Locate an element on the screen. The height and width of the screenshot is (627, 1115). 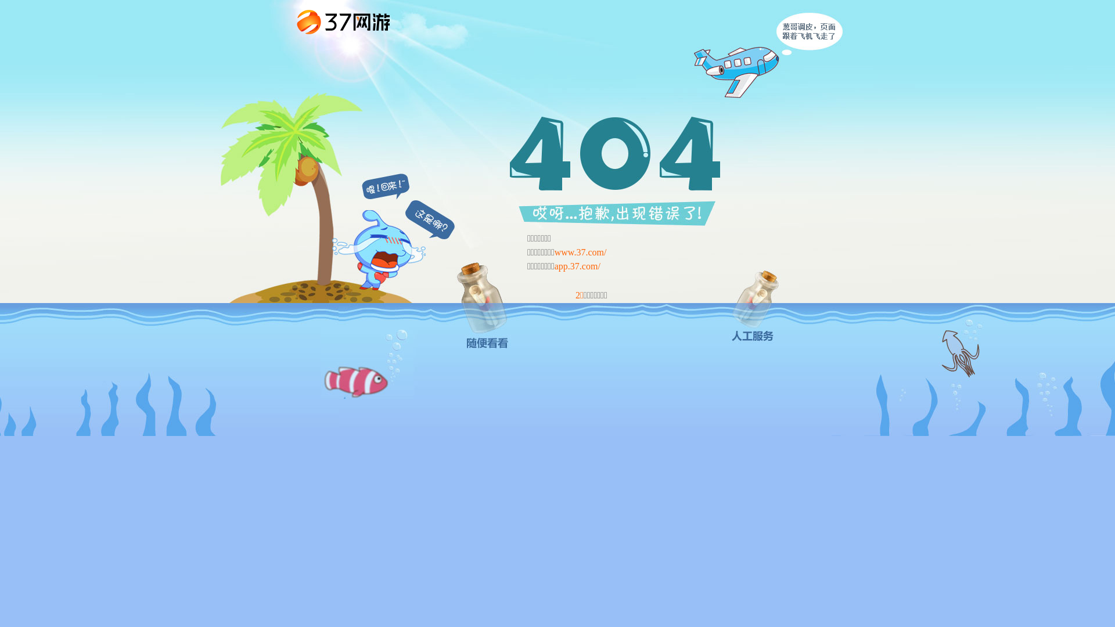
'app.37.com/' is located at coordinates (577, 266).